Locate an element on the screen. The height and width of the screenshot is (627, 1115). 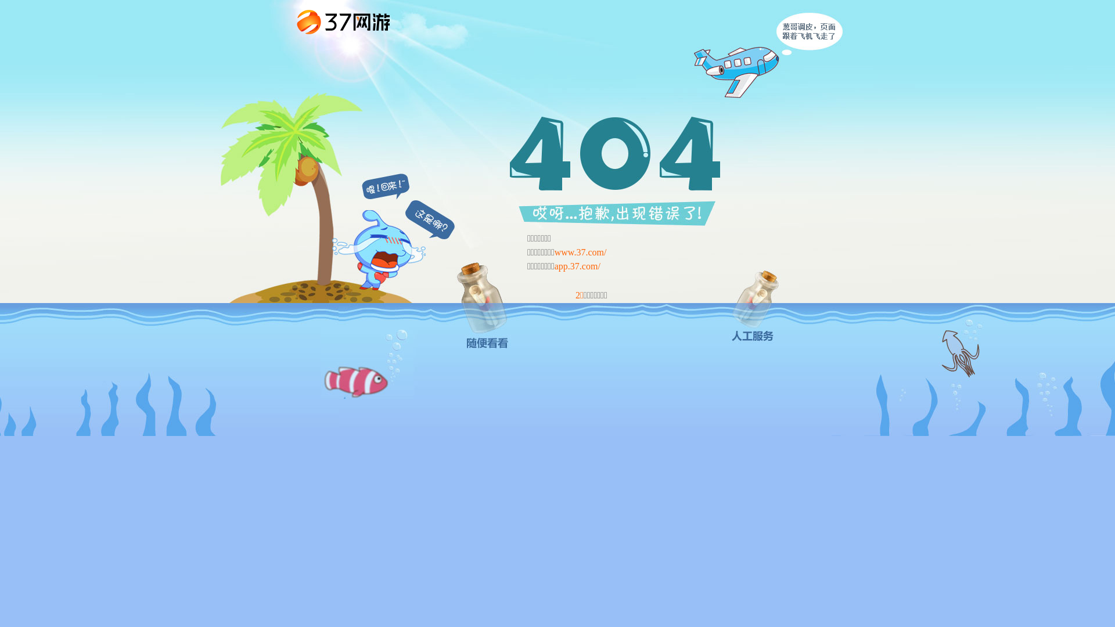
'app.37.com/' is located at coordinates (577, 266).